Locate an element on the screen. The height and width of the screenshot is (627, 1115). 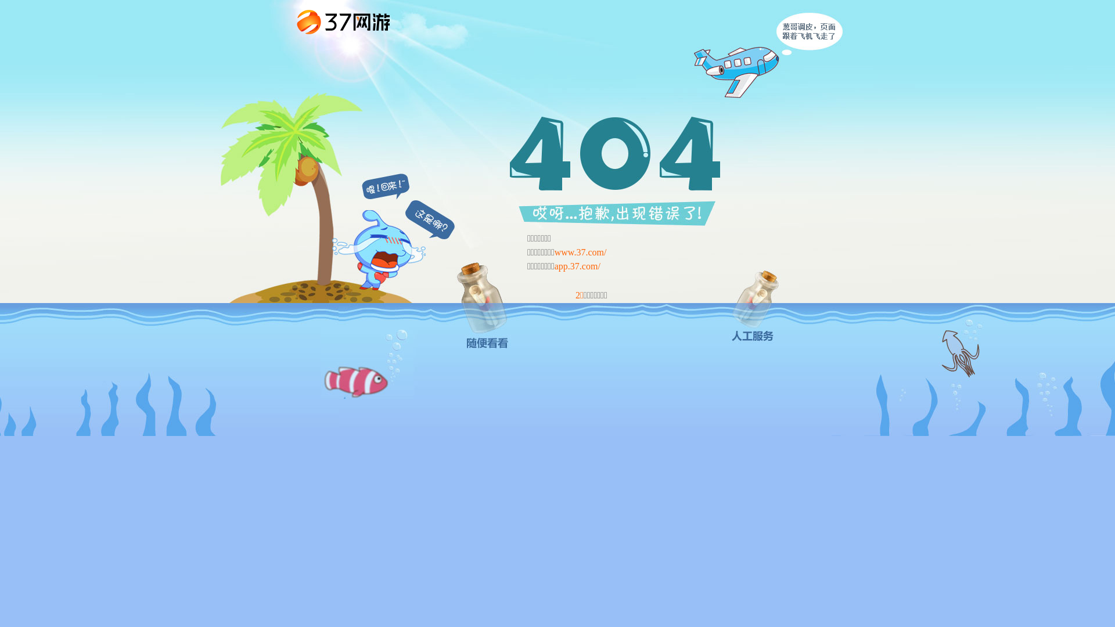
'app.37.com/' is located at coordinates (577, 266).